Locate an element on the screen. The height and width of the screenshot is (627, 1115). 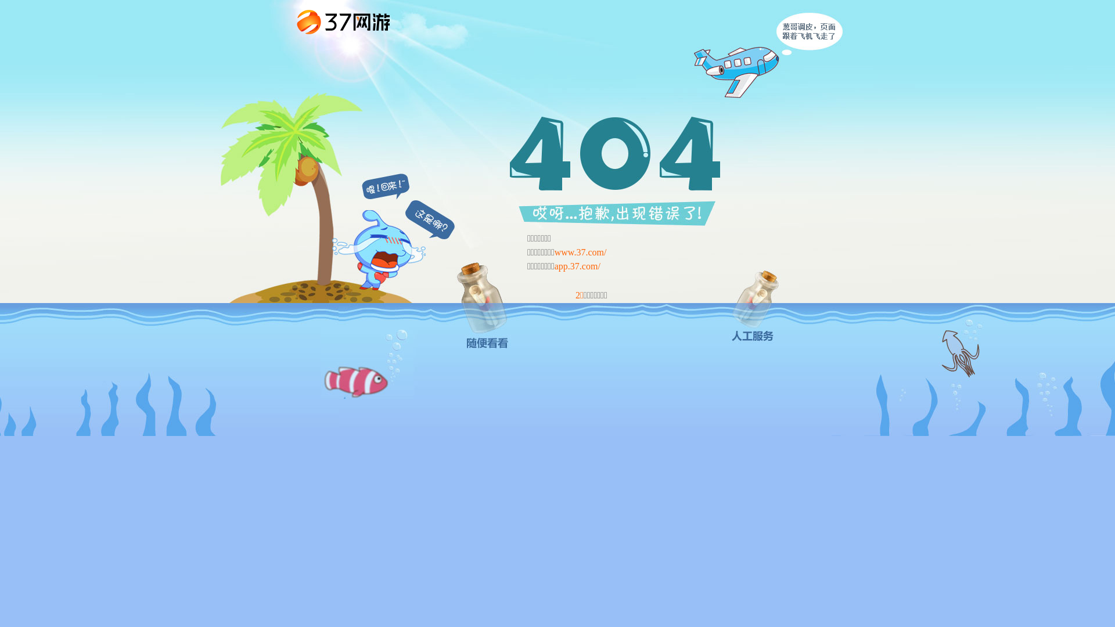
'app.37.com/' is located at coordinates (577, 266).